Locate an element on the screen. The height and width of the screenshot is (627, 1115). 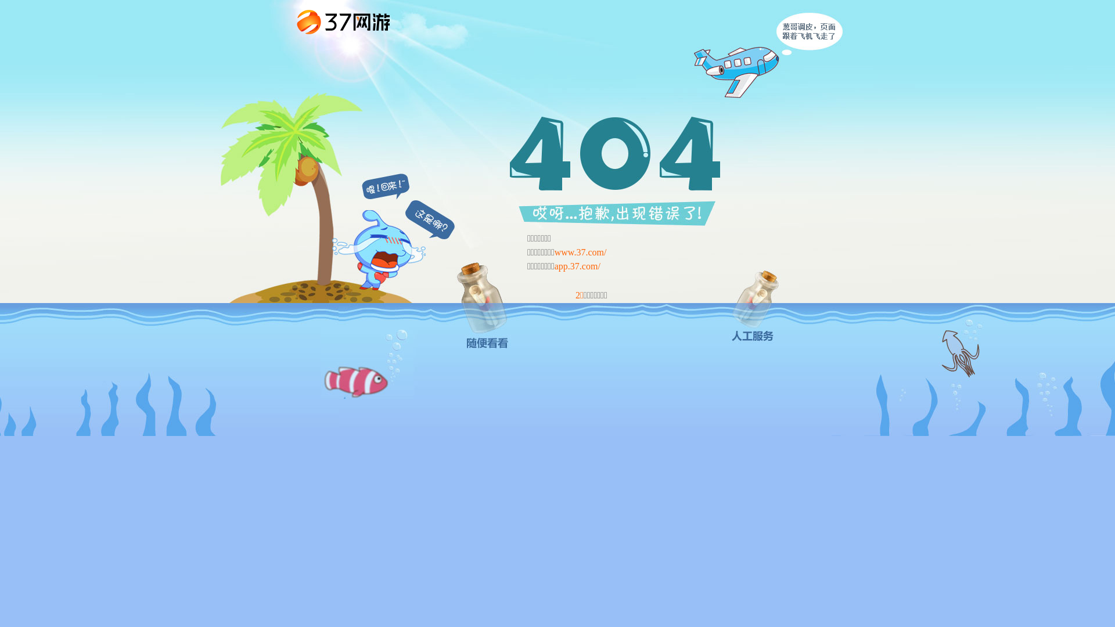
'app.37.com/' is located at coordinates (577, 266).